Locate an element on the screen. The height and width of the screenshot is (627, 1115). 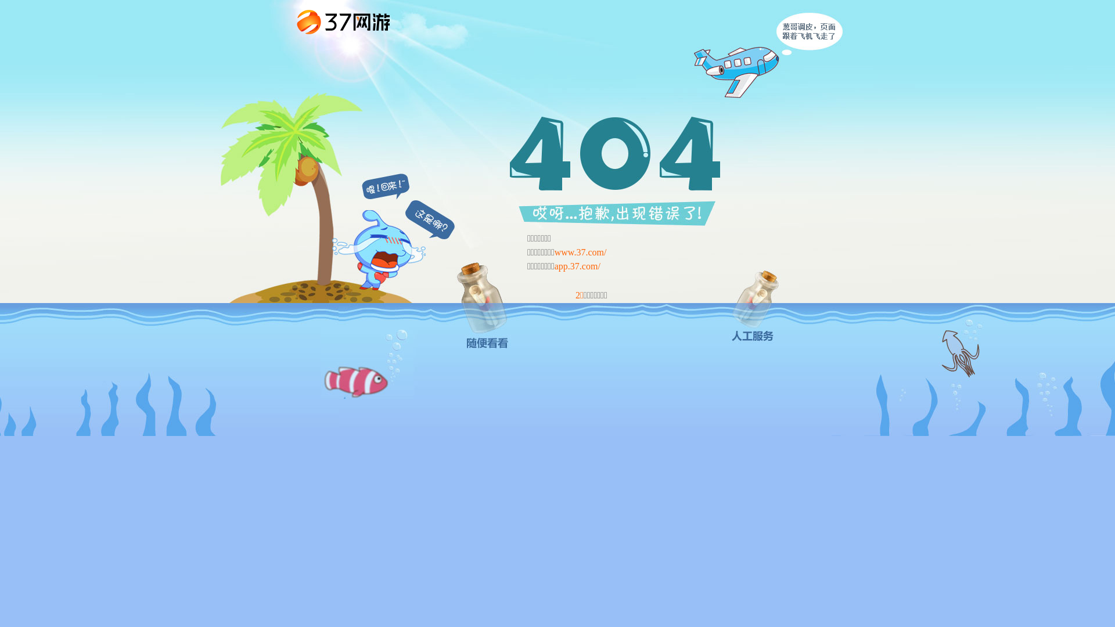
'app.37.com/' is located at coordinates (577, 266).